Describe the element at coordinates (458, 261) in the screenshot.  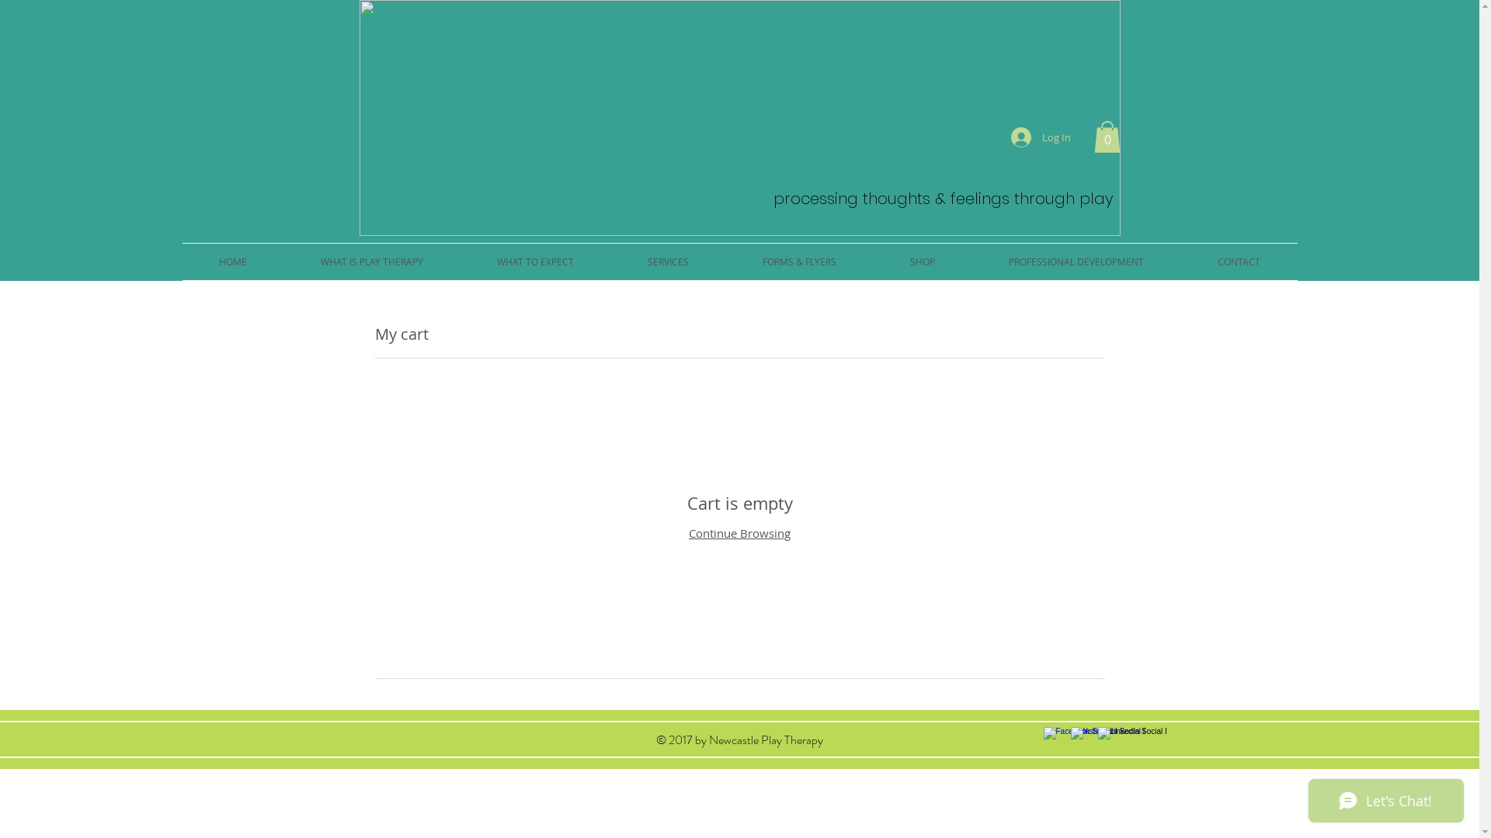
I see `'WHAT TO EXPECT'` at that location.